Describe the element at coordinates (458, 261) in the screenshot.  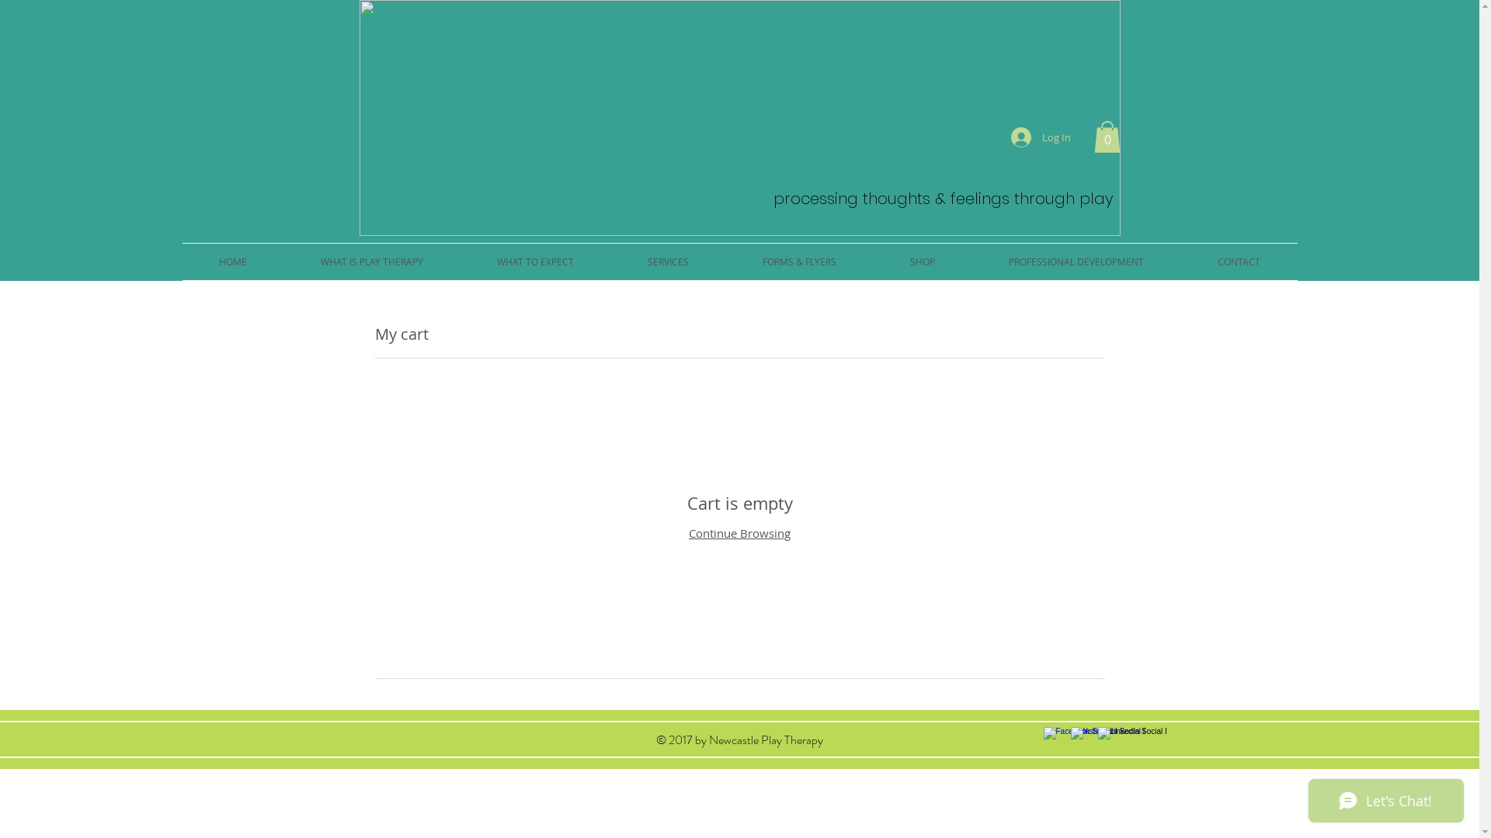
I see `'WHAT TO EXPECT'` at that location.